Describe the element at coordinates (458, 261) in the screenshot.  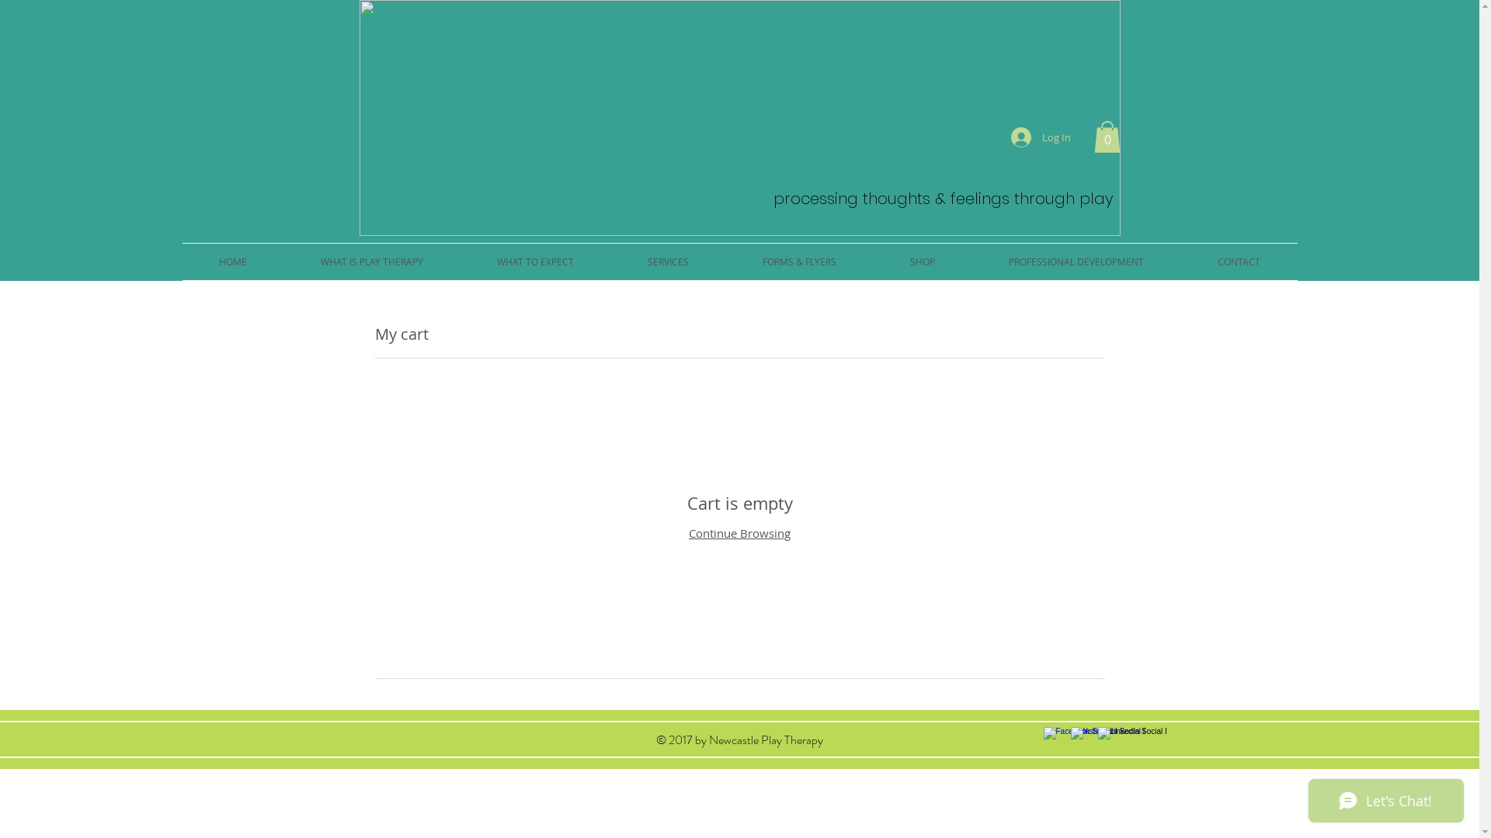
I see `'WHAT TO EXPECT'` at that location.